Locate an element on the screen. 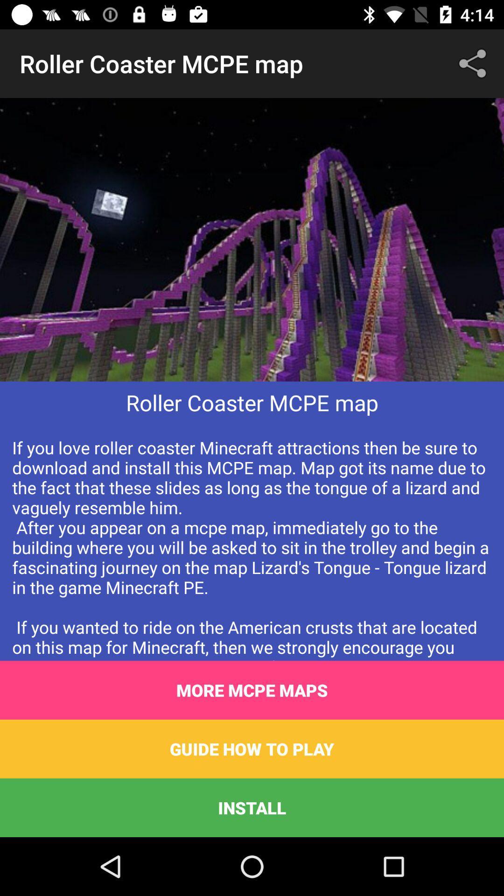 This screenshot has height=896, width=504. the icon above the install item is located at coordinates (252, 749).